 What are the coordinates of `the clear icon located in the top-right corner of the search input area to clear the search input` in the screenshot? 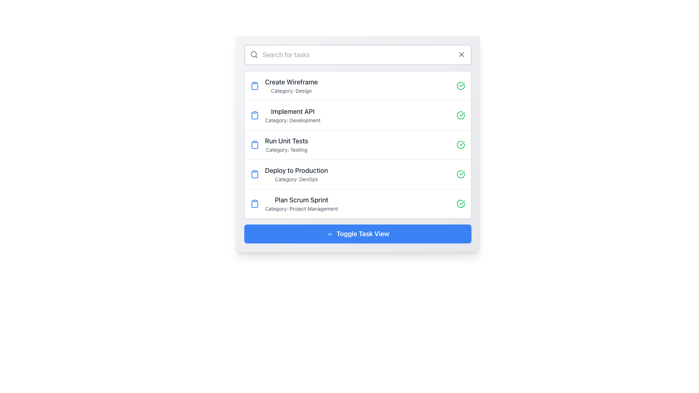 It's located at (461, 54).